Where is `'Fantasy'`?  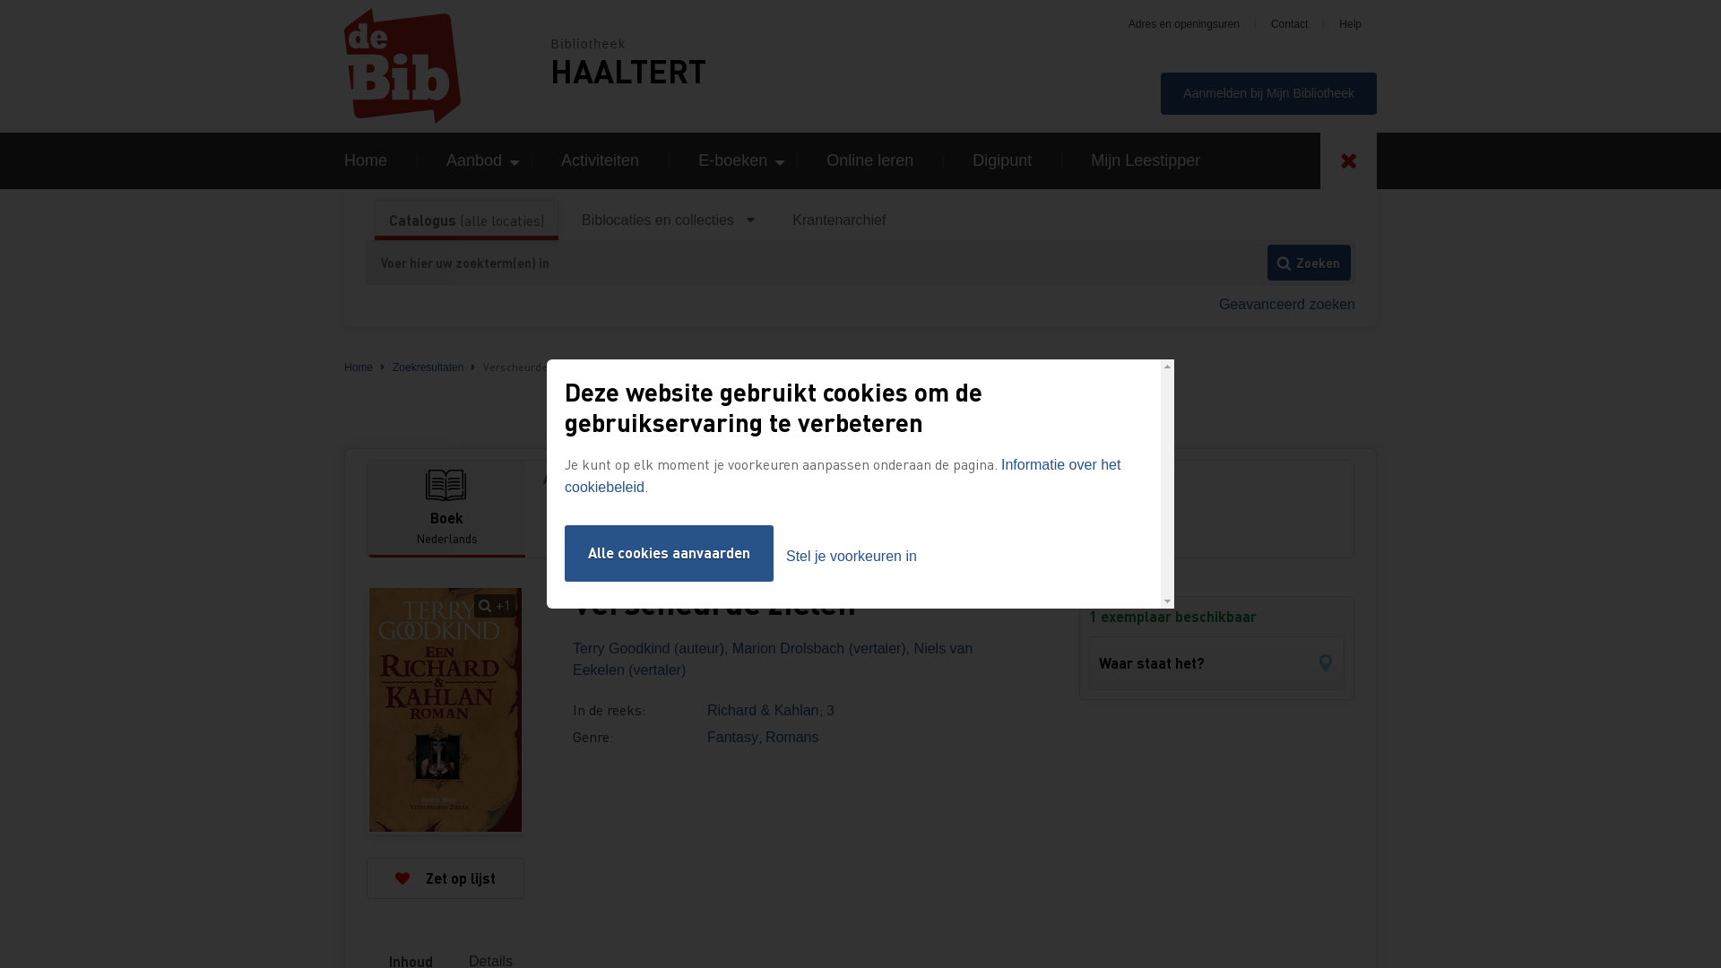
'Fantasy' is located at coordinates (705, 737).